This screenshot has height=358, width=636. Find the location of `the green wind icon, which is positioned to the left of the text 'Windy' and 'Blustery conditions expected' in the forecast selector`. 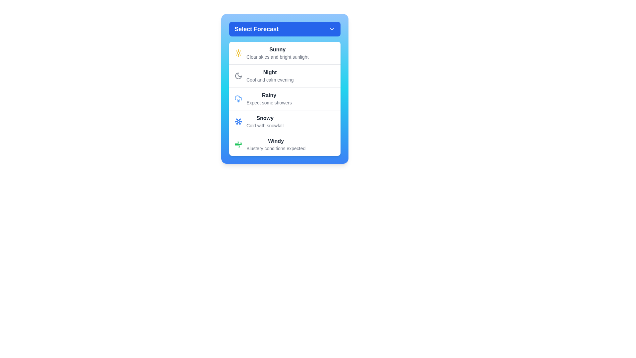

the green wind icon, which is positioned to the left of the text 'Windy' and 'Blustery conditions expected' in the forecast selector is located at coordinates (238, 144).